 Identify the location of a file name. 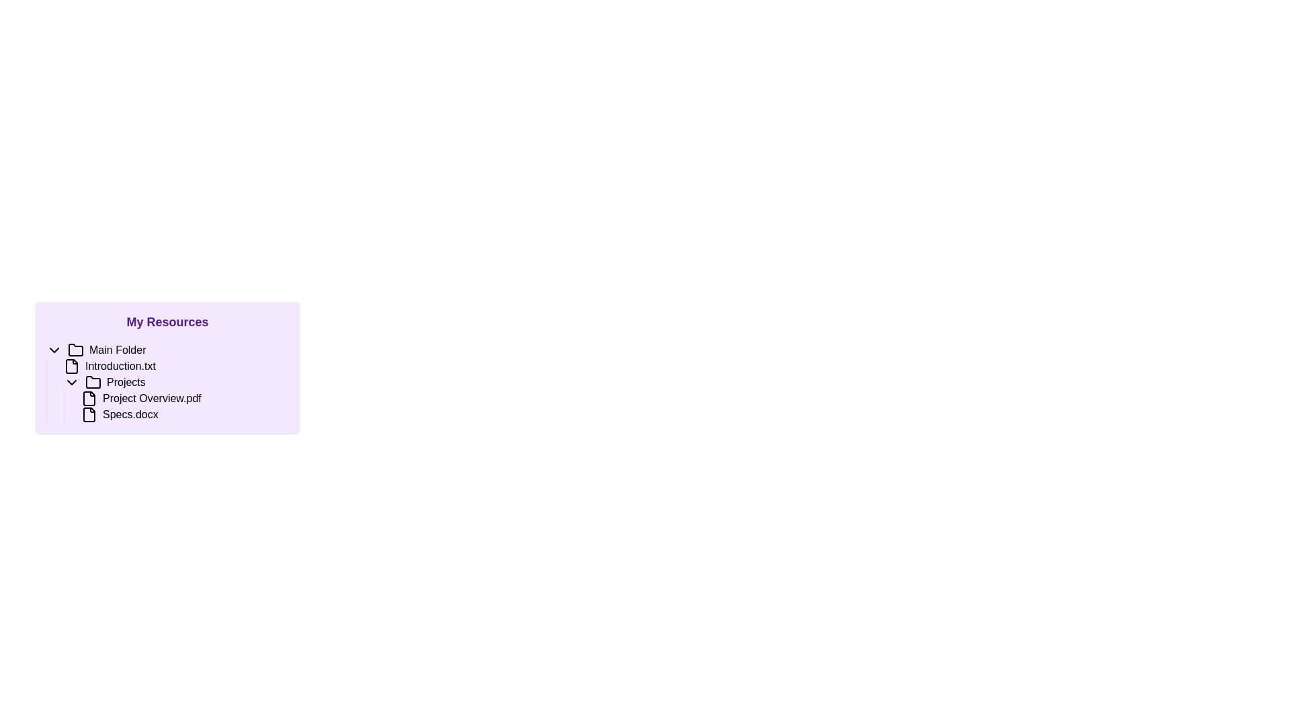
(175, 398).